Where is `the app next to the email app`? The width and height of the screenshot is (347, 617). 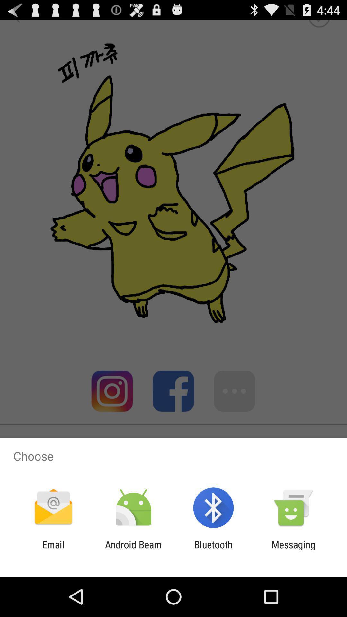 the app next to the email app is located at coordinates (133, 550).